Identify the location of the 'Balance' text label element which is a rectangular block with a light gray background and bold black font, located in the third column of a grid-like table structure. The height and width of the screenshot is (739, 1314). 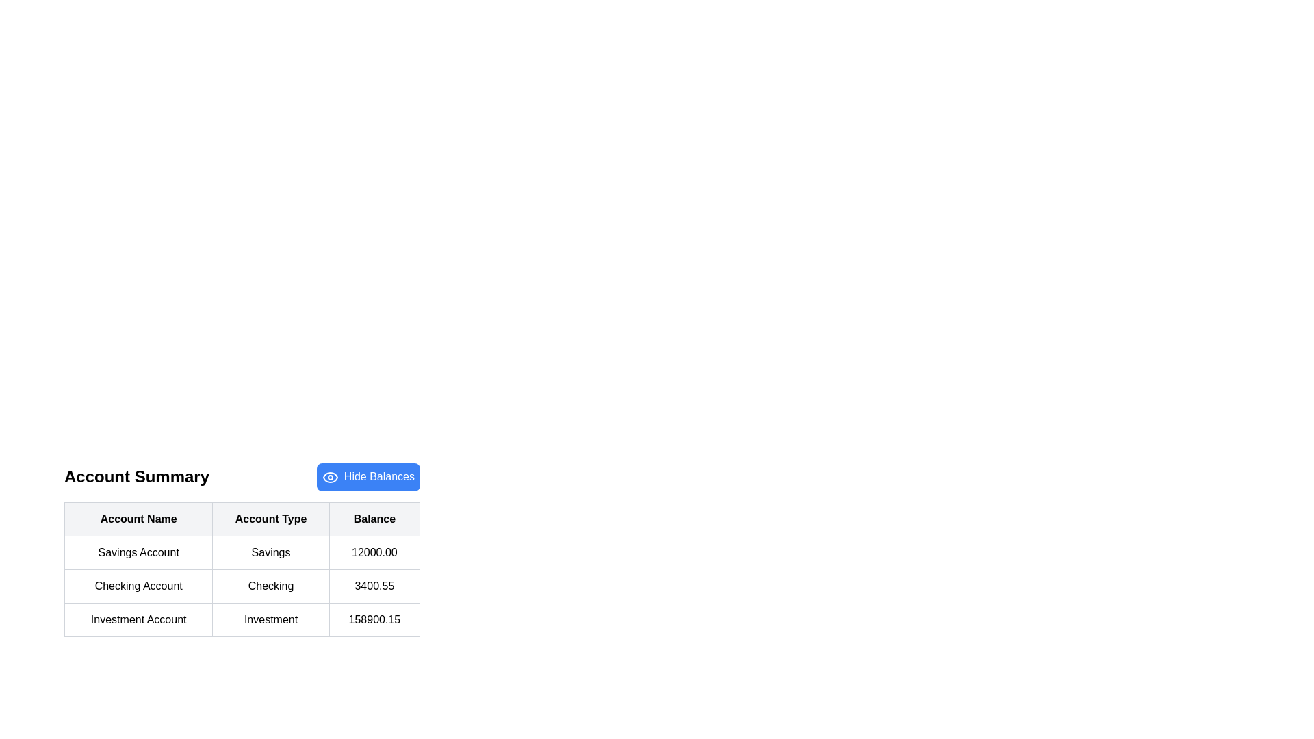
(374, 519).